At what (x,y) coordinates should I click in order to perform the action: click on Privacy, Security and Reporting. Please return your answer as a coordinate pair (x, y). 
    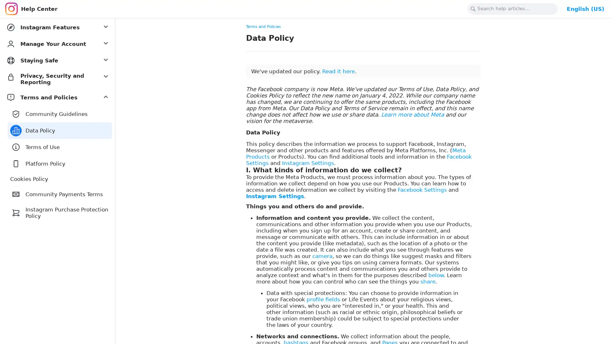
    Looking at the image, I should click on (57, 78).